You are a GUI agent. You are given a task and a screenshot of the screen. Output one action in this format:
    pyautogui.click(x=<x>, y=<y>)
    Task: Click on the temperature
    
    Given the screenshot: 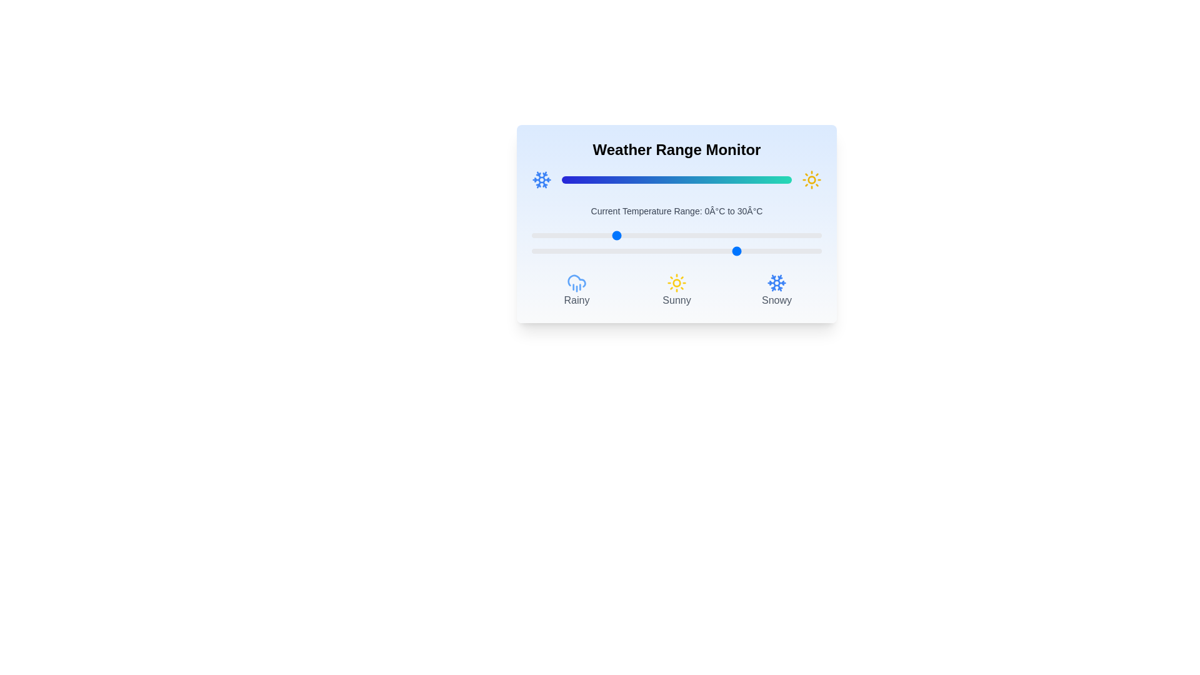 What is the action you would take?
    pyautogui.click(x=647, y=251)
    